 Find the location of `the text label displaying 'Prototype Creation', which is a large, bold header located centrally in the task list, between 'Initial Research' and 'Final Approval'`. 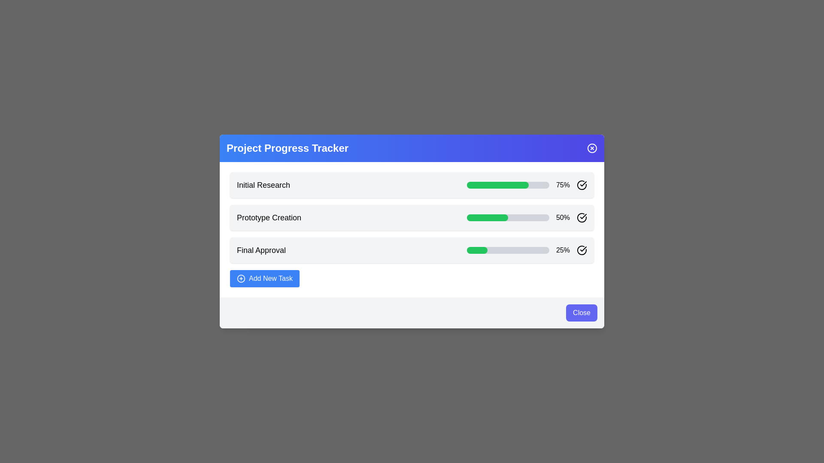

the text label displaying 'Prototype Creation', which is a large, bold header located centrally in the task list, between 'Initial Research' and 'Final Approval' is located at coordinates (269, 217).